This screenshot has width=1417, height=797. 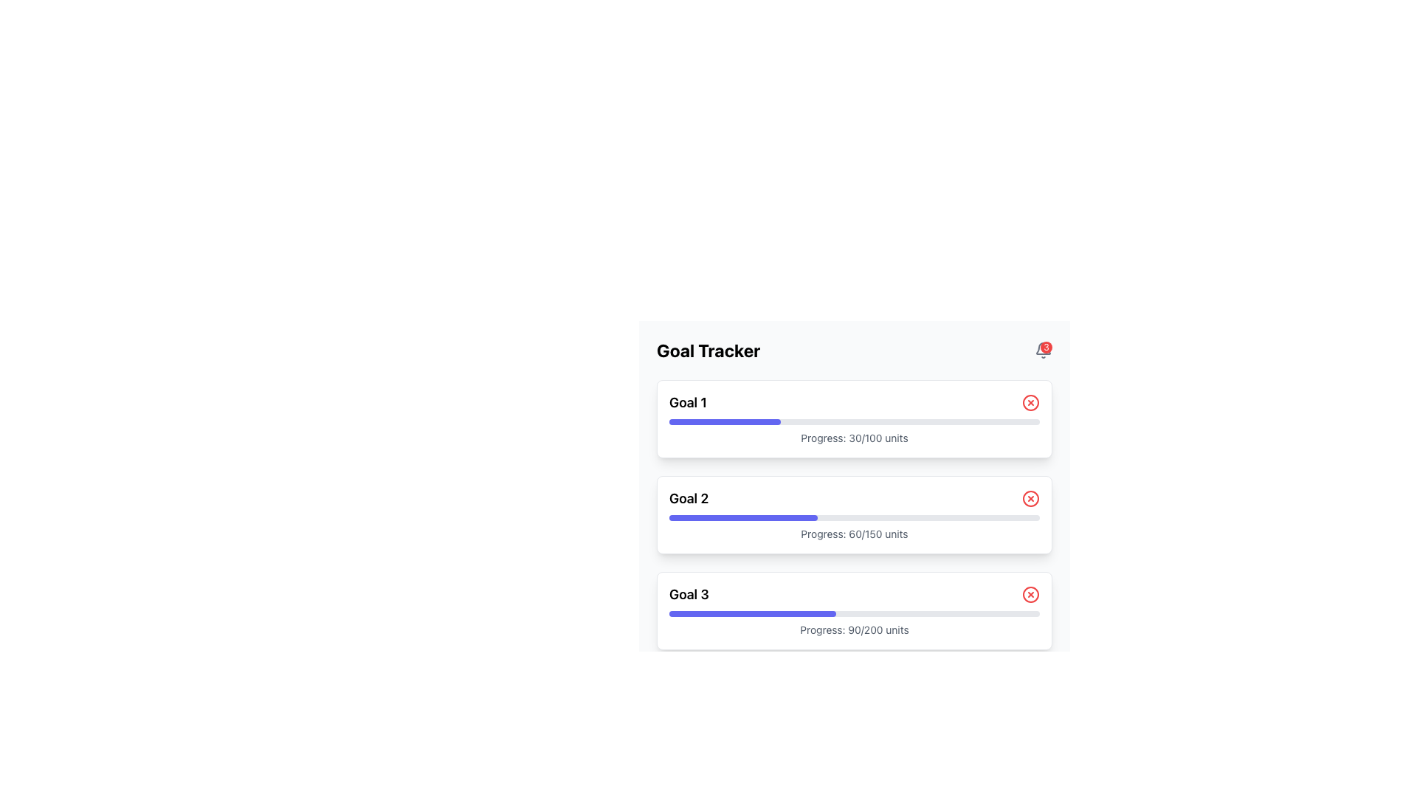 I want to click on the text label 'Goal 1' which is displayed in bold and larger font, located at the top of the first section of goal entries, so click(x=687, y=403).